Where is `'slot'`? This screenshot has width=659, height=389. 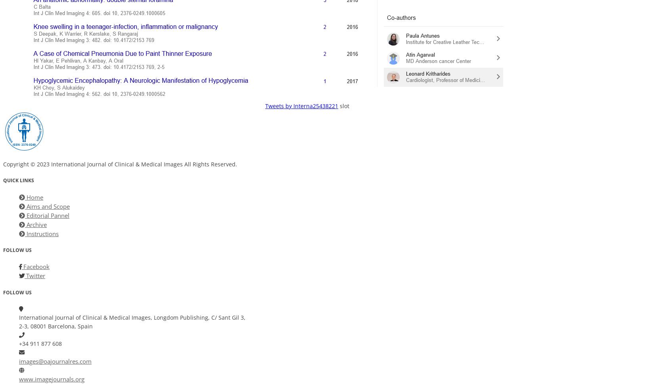 'slot' is located at coordinates (344, 105).